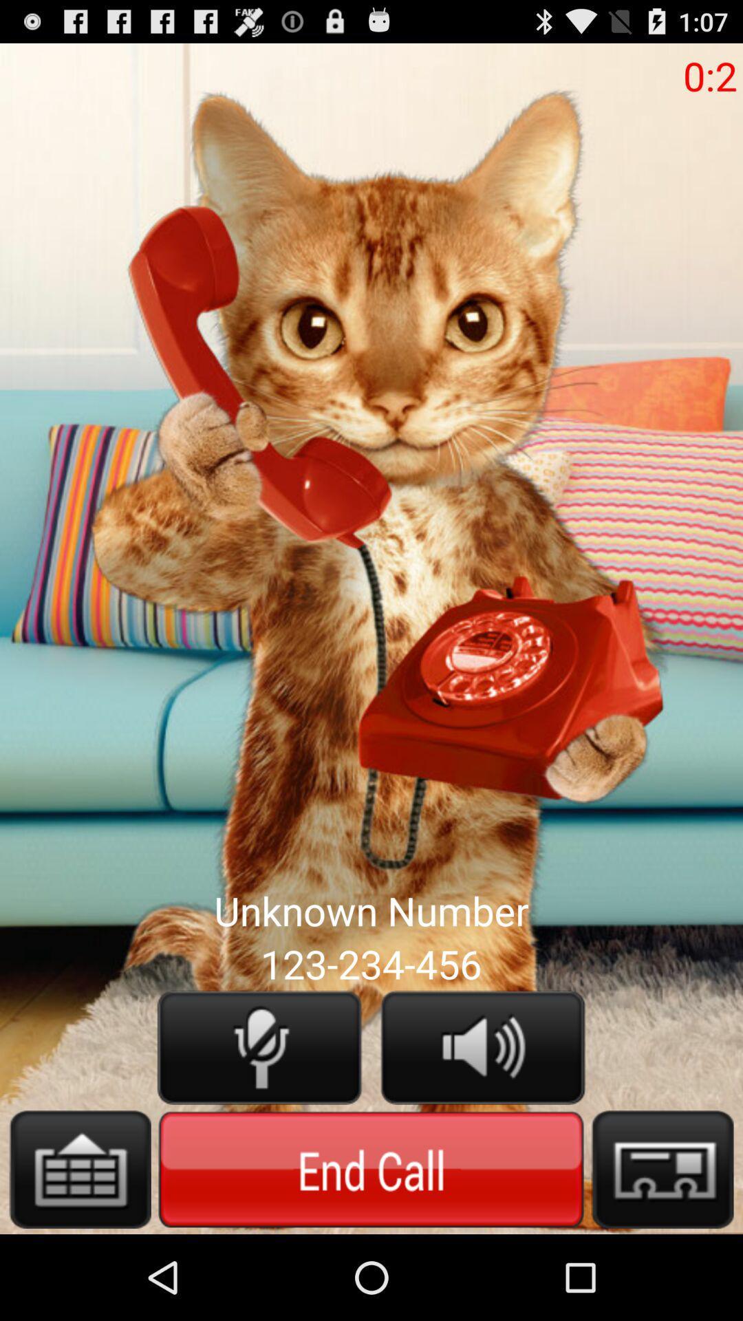  What do you see at coordinates (370, 1168) in the screenshot?
I see `endcall` at bounding box center [370, 1168].